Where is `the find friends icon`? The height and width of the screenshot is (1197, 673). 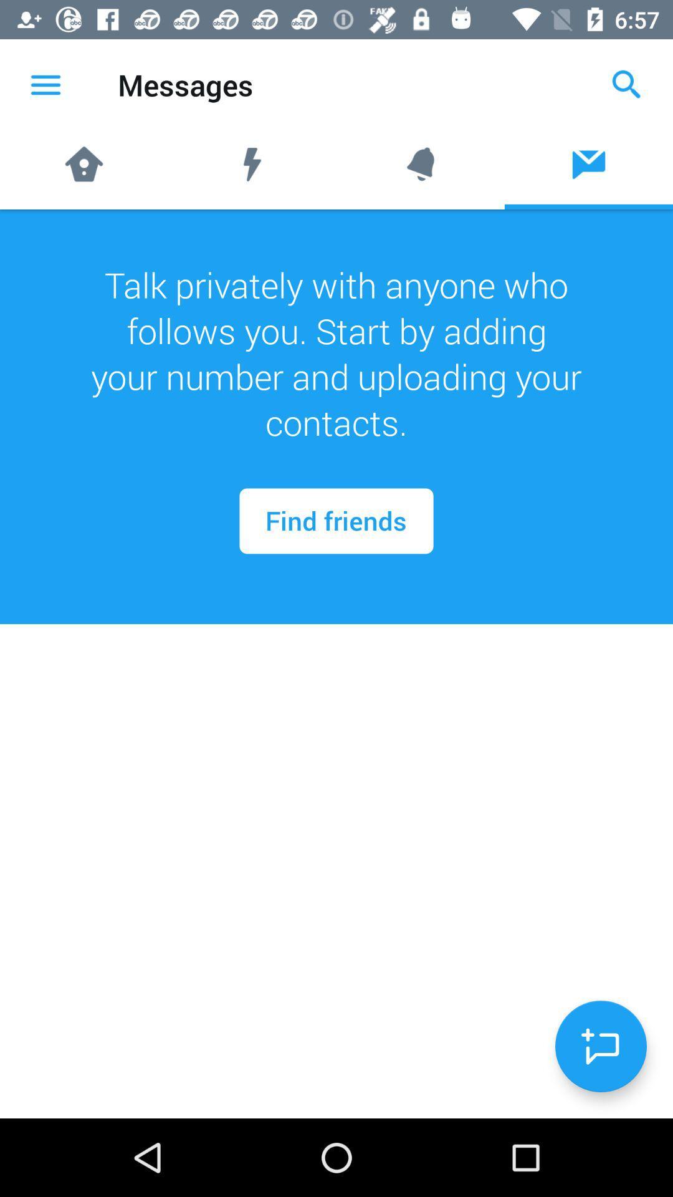 the find friends icon is located at coordinates (336, 521).